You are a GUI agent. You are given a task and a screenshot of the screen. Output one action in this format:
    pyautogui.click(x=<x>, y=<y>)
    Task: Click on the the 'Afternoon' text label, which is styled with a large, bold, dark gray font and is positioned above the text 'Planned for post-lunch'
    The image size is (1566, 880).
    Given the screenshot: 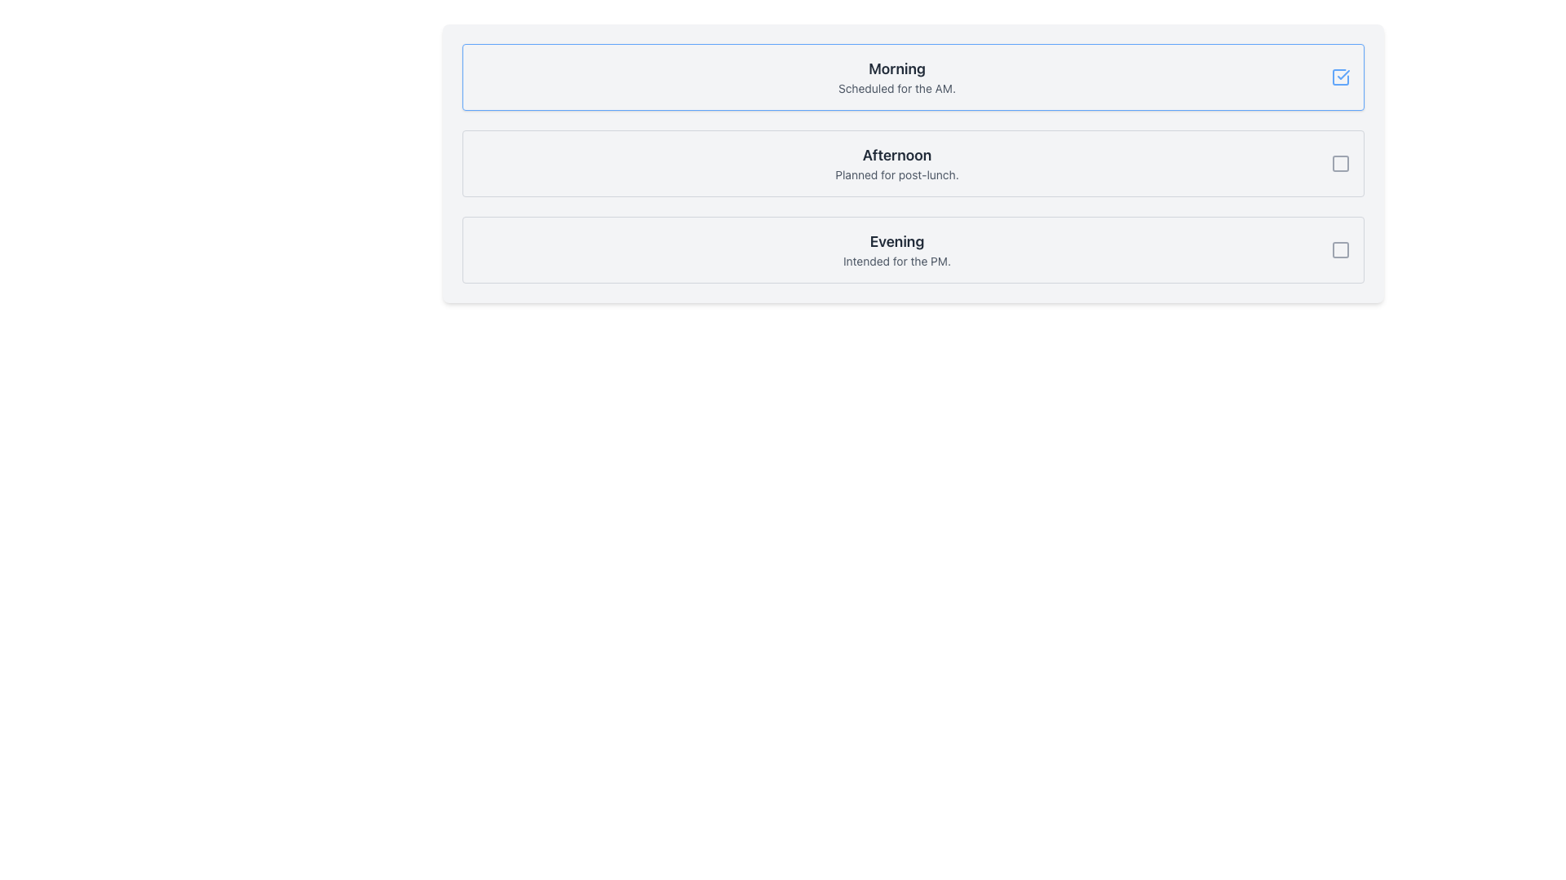 What is the action you would take?
    pyautogui.click(x=896, y=156)
    